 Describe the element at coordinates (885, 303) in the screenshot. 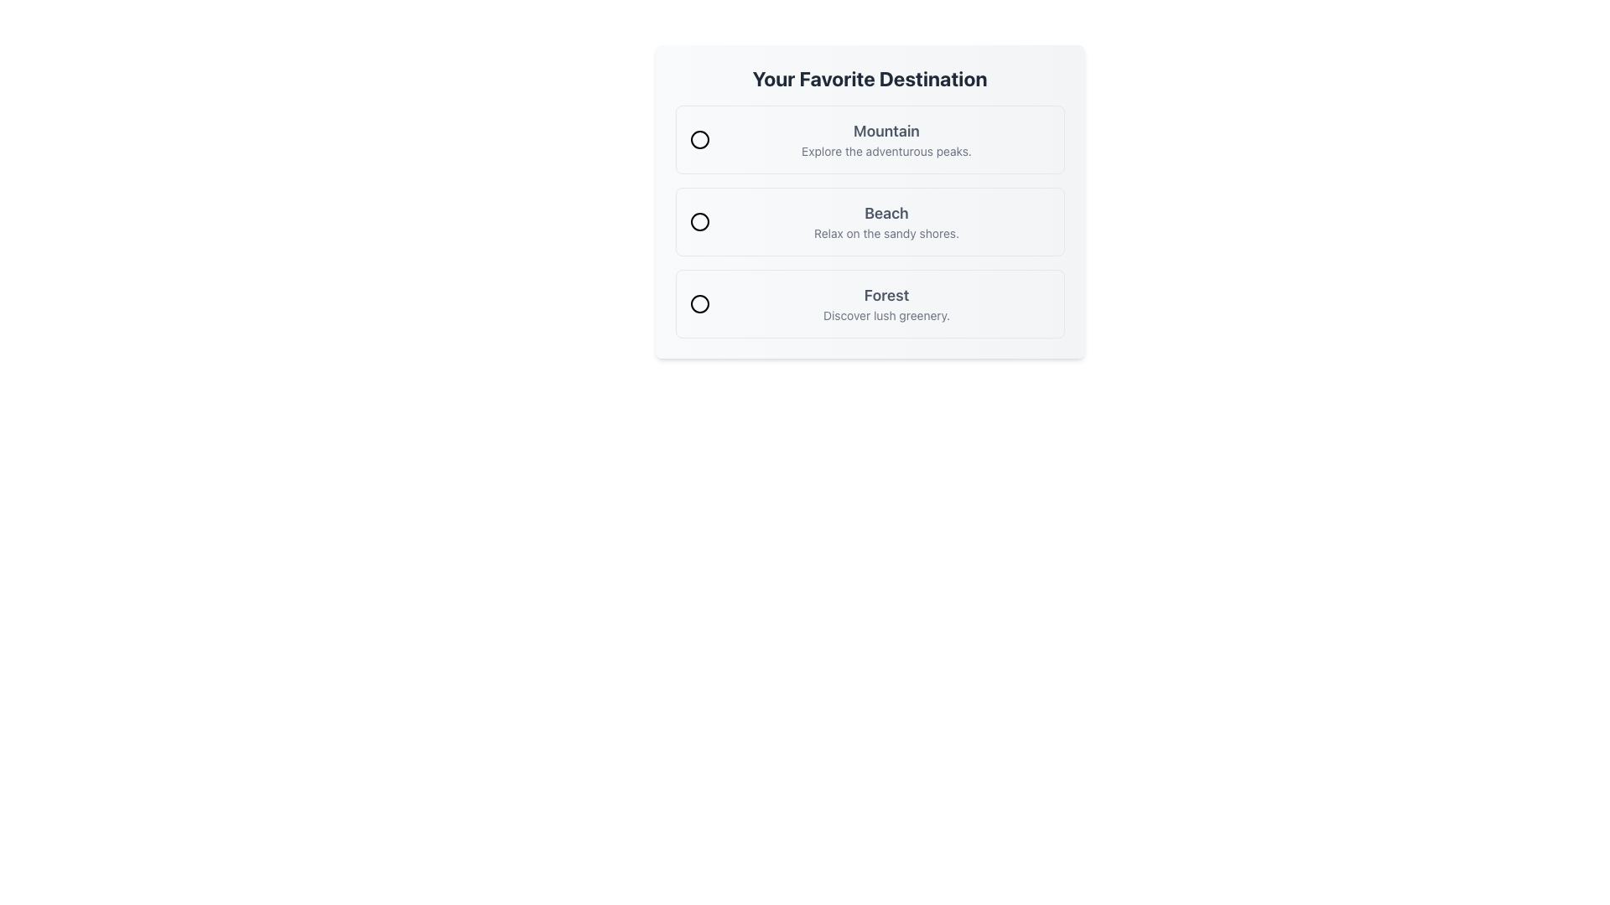

I see `the text display element that provides descriptive information about the card titled 'Forest', located at the center-bottom of the card in the selection menu` at that location.